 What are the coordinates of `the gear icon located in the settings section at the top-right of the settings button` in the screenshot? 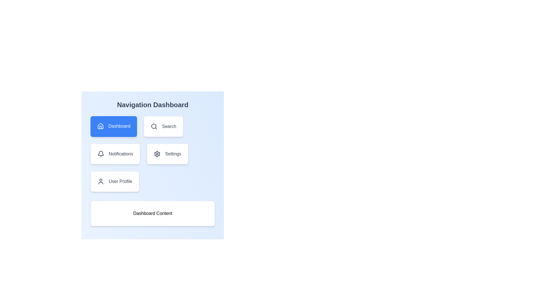 It's located at (157, 154).